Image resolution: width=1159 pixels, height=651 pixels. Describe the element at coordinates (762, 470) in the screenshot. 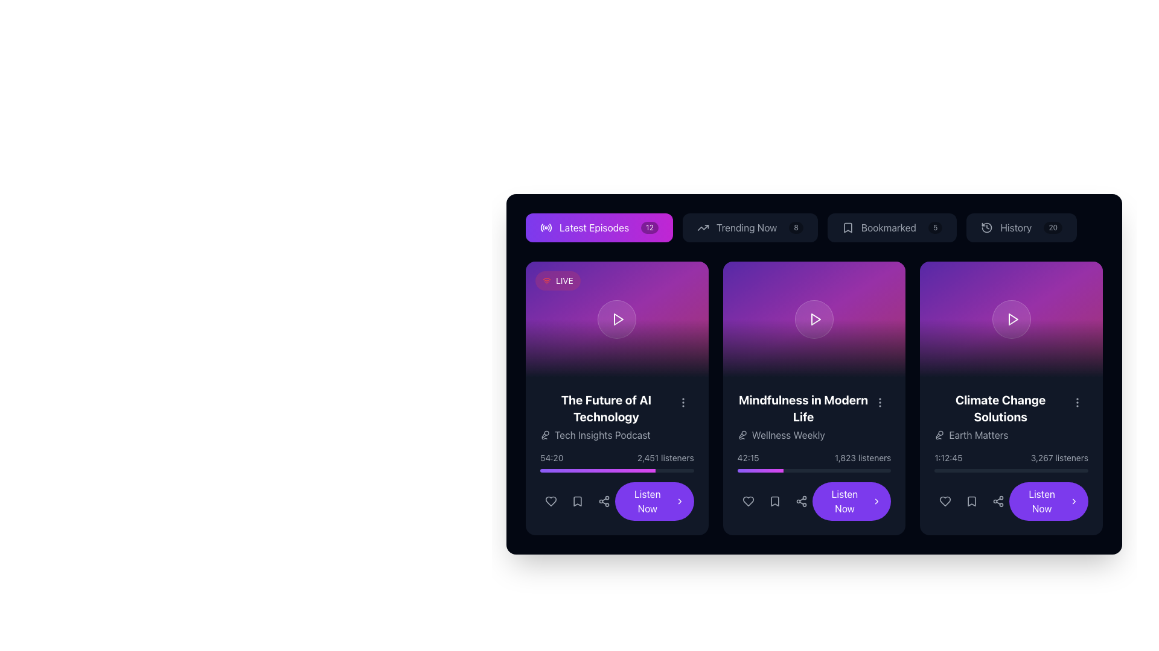

I see `progress` at that location.